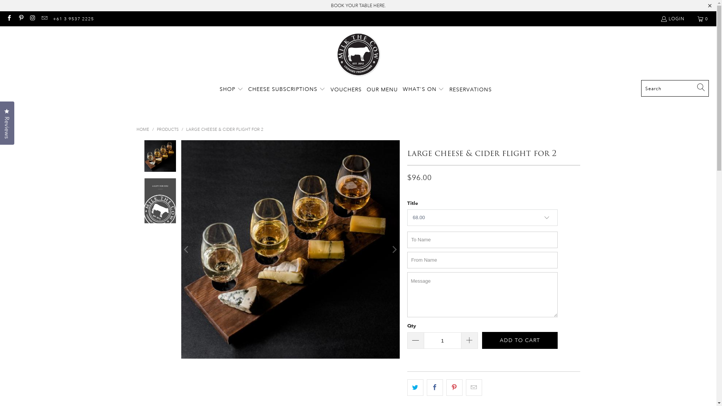  I want to click on 'Milk the Cow Licensed Fromagerie on Pinterest', so click(20, 18).